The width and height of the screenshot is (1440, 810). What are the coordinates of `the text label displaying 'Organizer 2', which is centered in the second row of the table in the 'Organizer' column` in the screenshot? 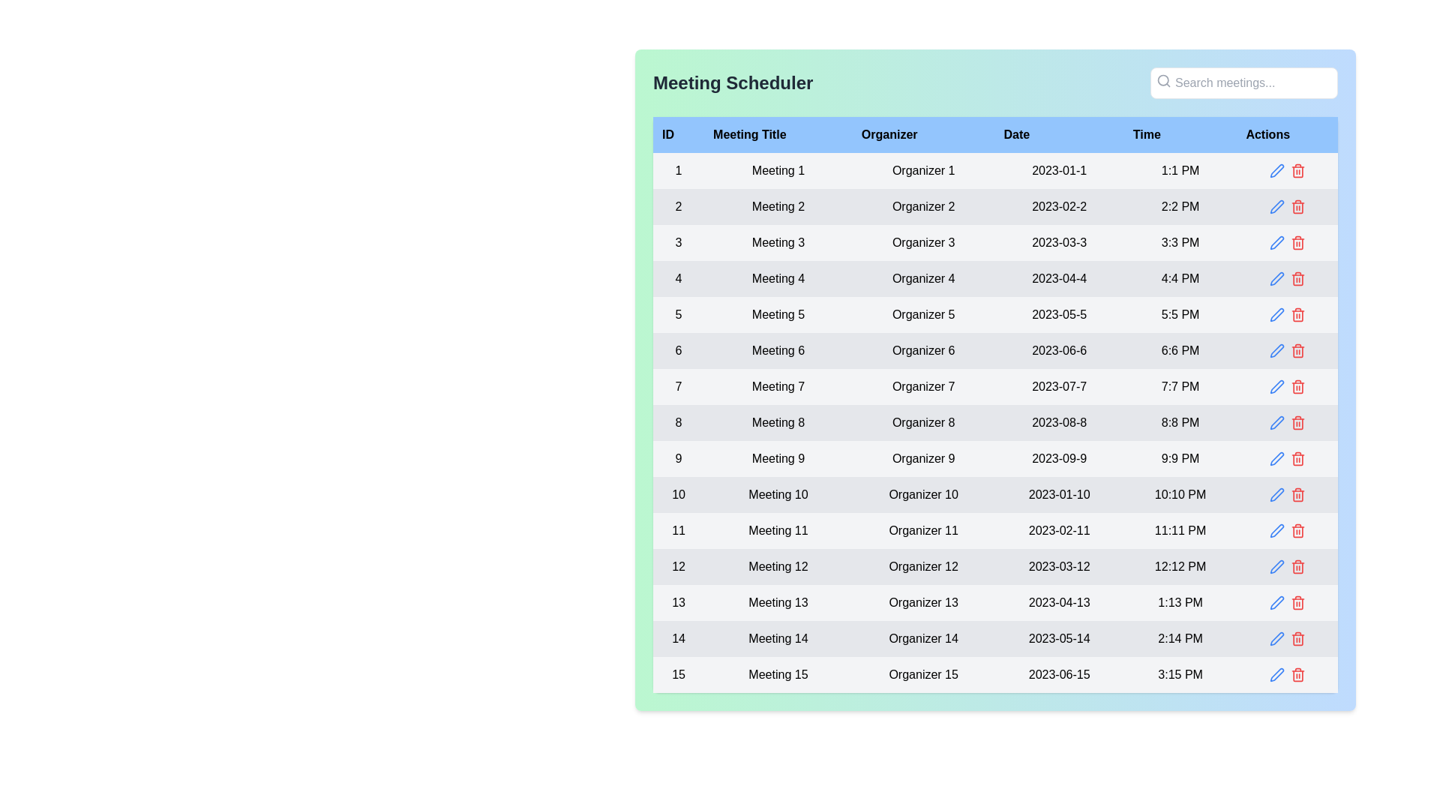 It's located at (922, 207).